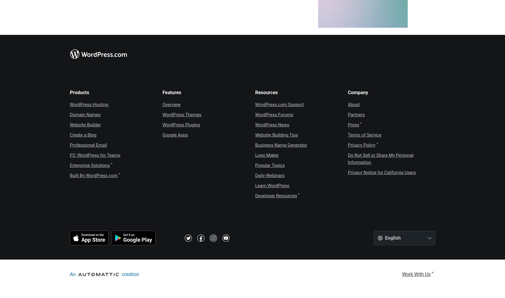  I want to click on 'Get it on', so click(128, 235).